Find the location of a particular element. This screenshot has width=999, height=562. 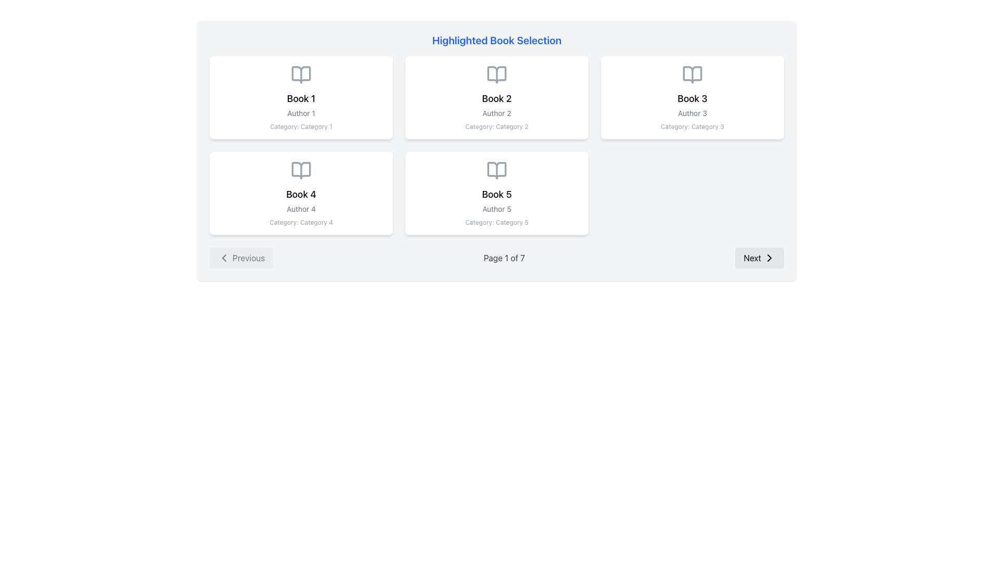

the book icon associated with 'Book 2', which signifies reading or book-related functionality and is positioned at the top of the card interface is located at coordinates (496, 74).